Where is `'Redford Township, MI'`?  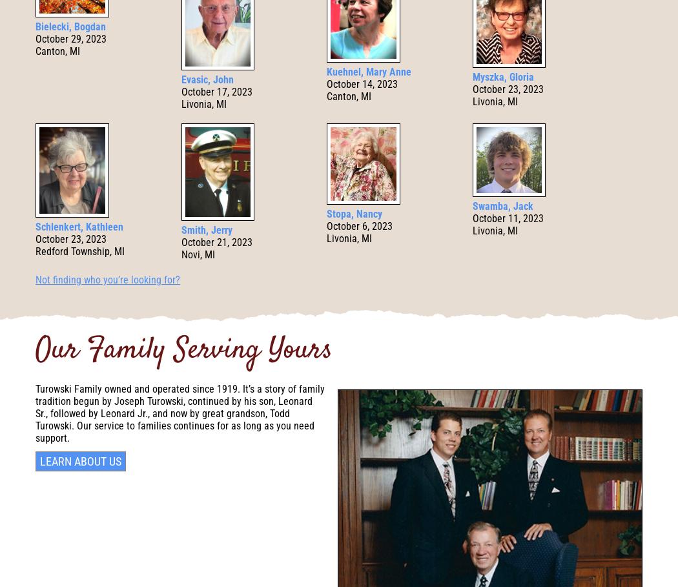
'Redford Township, MI' is located at coordinates (79, 251).